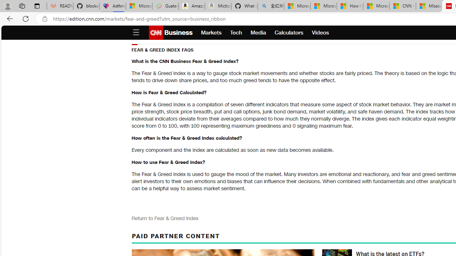 Image resolution: width=456 pixels, height=256 pixels. I want to click on 'Return to Fear & Greed Index', so click(164, 218).